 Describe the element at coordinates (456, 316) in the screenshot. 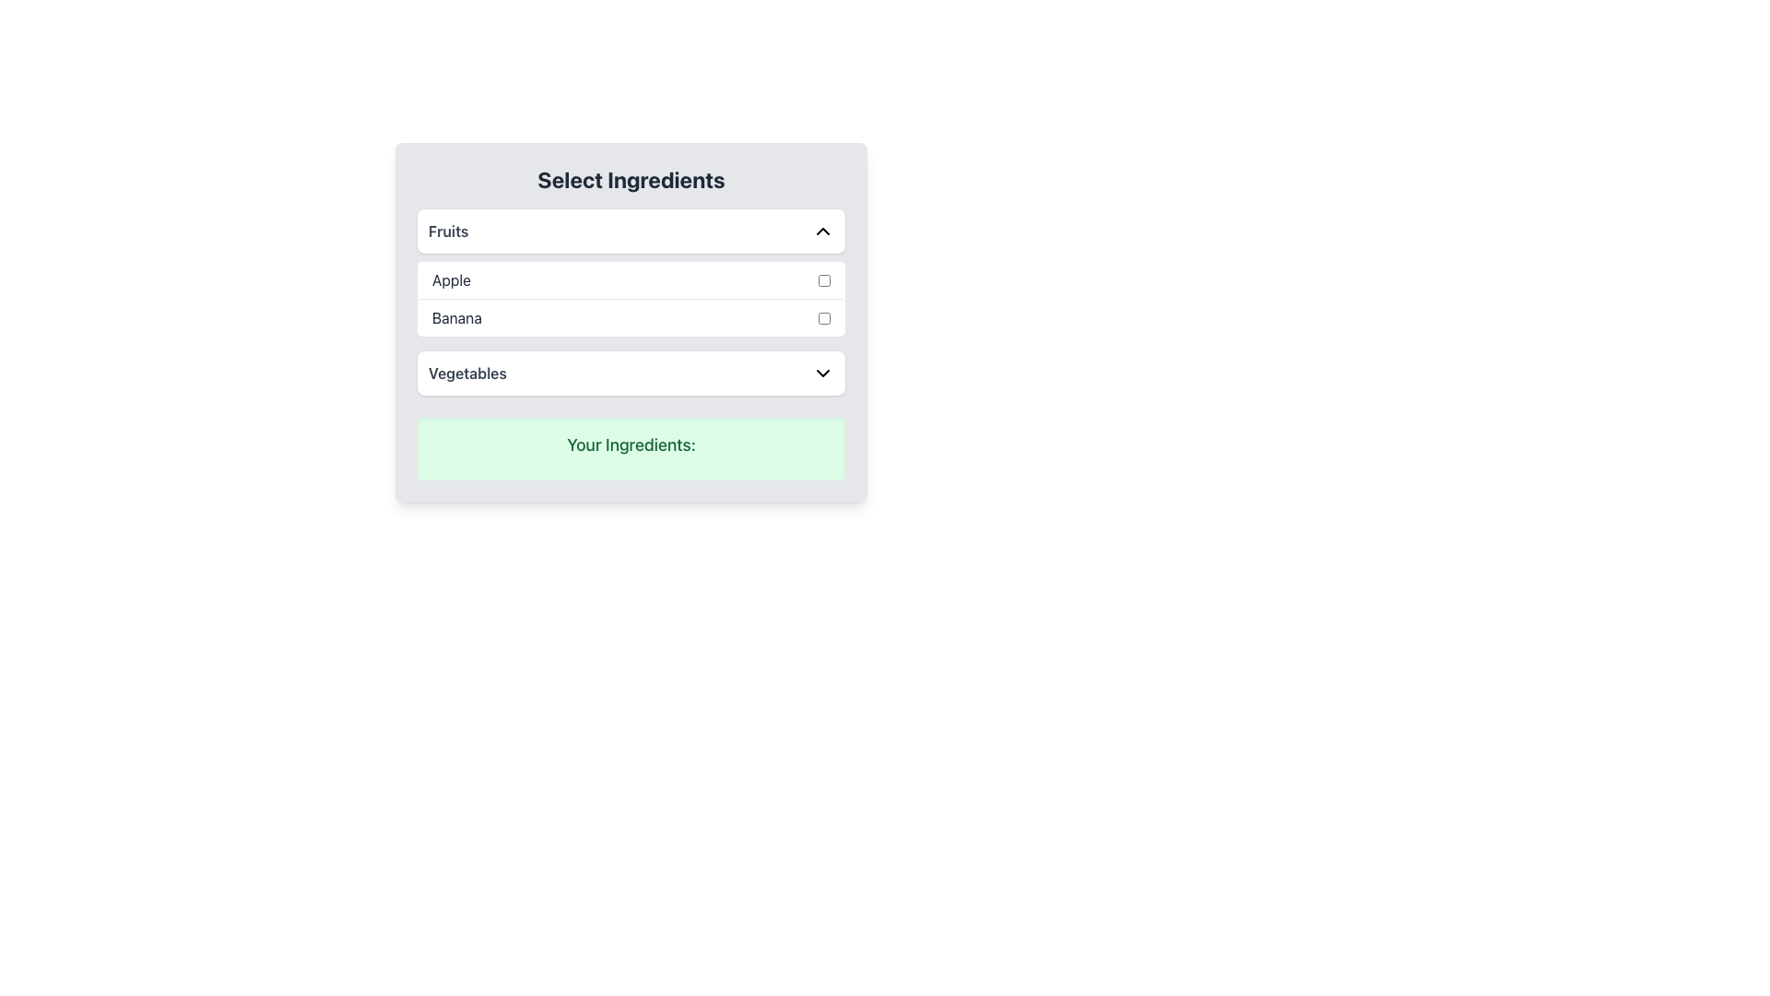

I see `the text label displaying the name 'Banana' within the selectable list under the 'Fruits' section` at that location.